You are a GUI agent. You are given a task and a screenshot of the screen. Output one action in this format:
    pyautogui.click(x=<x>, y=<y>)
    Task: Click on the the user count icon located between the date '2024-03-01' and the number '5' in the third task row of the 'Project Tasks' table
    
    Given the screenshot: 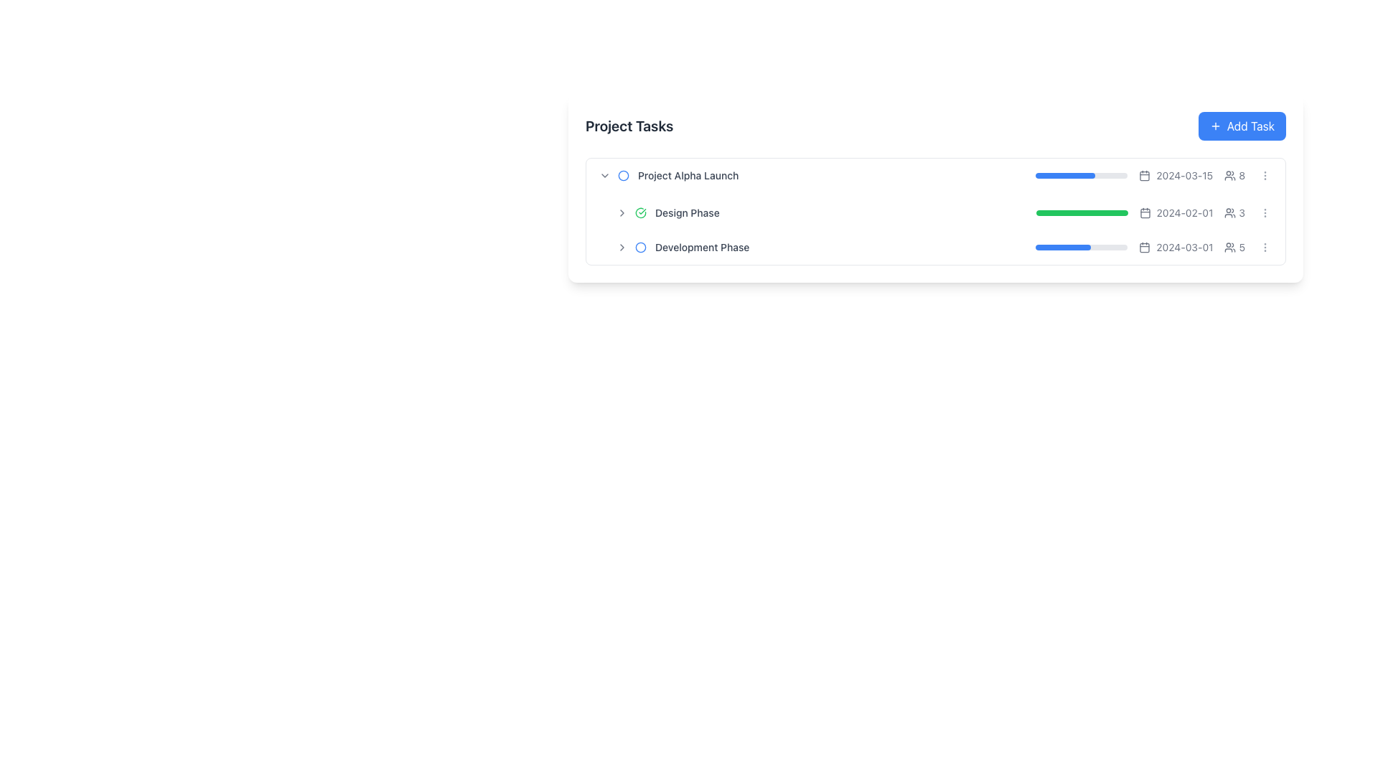 What is the action you would take?
    pyautogui.click(x=1229, y=246)
    